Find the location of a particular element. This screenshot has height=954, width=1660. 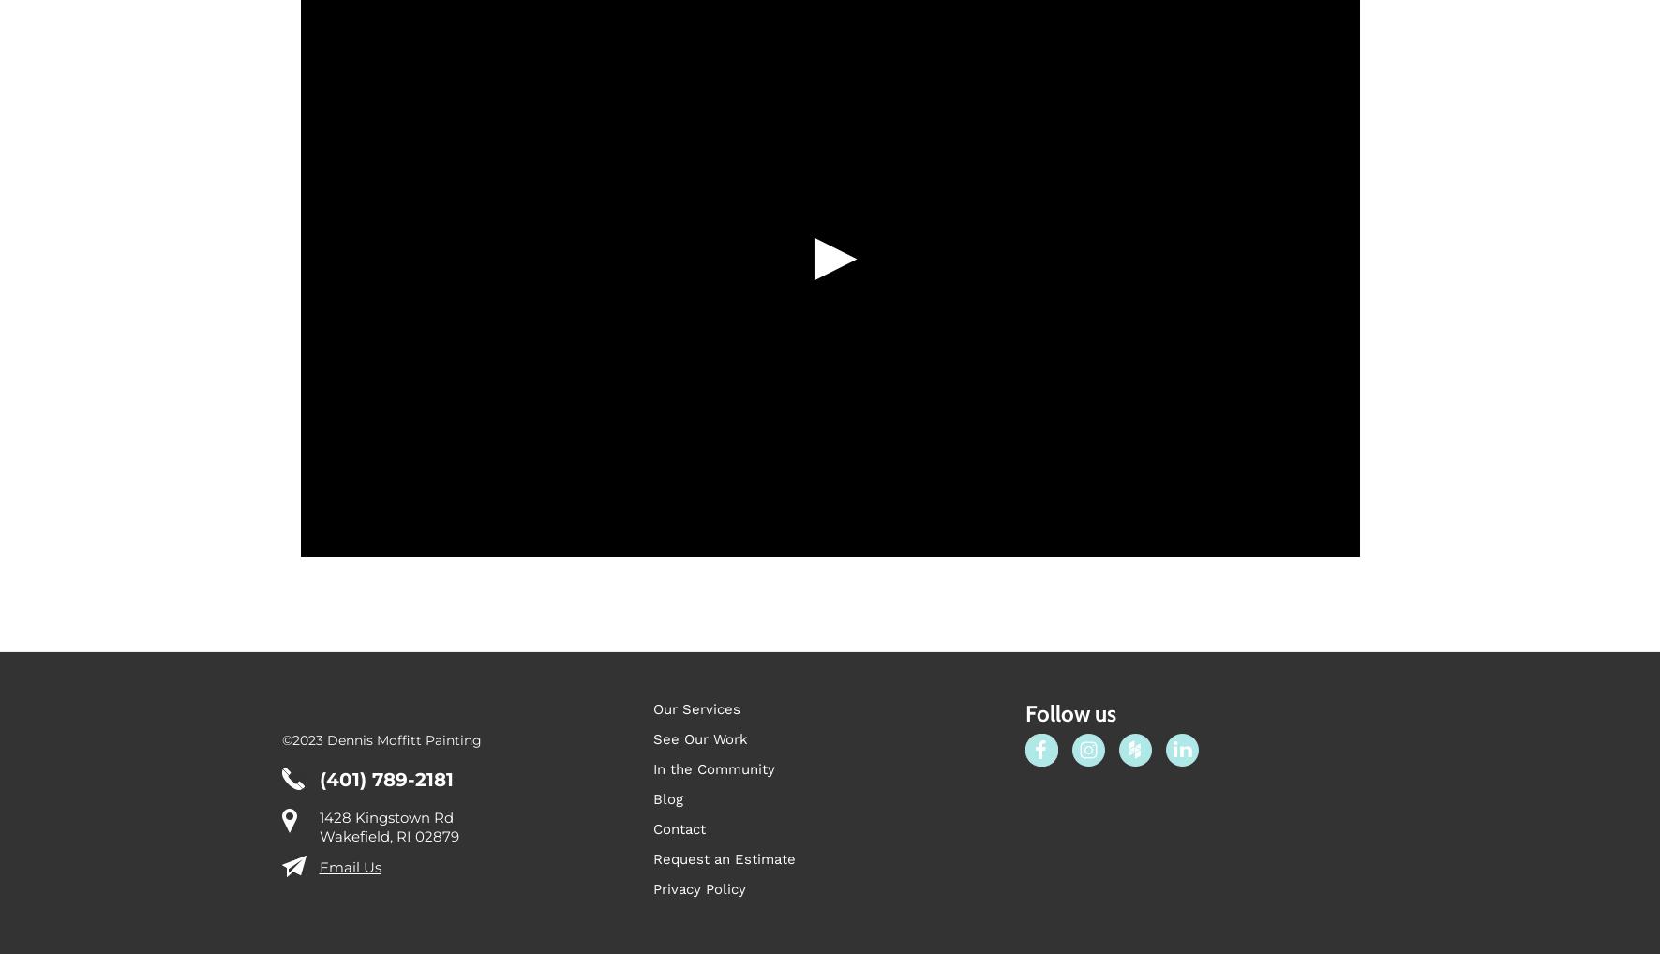

'Follow us' is located at coordinates (1069, 712).